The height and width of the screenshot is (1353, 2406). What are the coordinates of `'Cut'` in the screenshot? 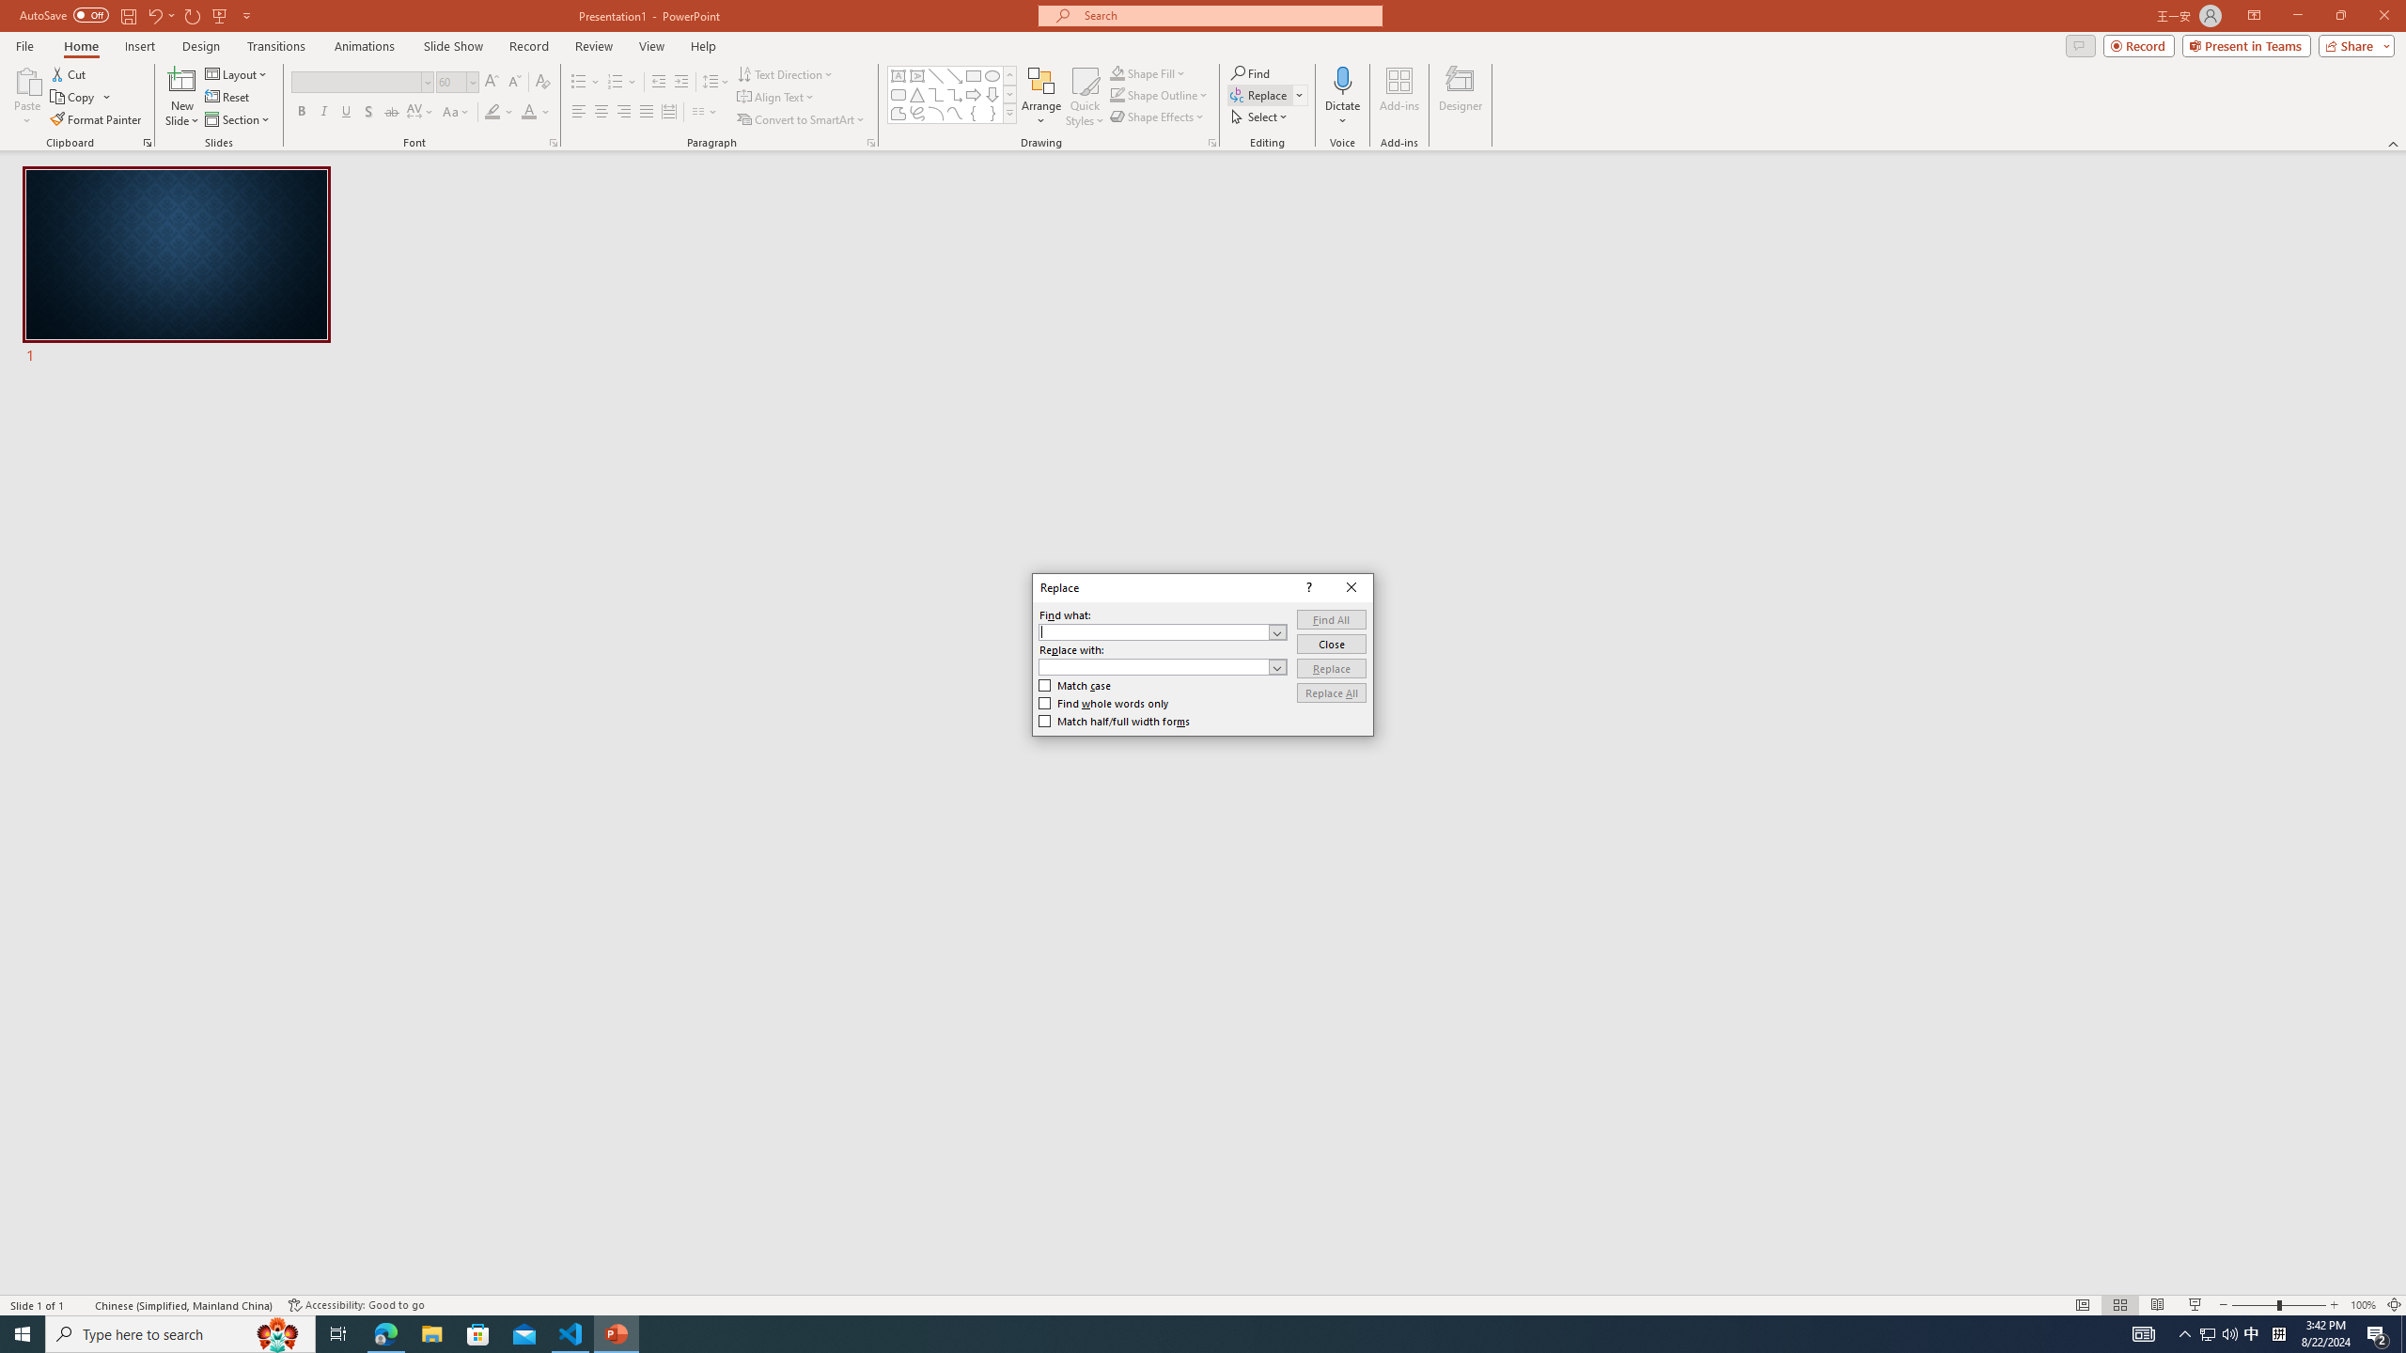 It's located at (69, 73).